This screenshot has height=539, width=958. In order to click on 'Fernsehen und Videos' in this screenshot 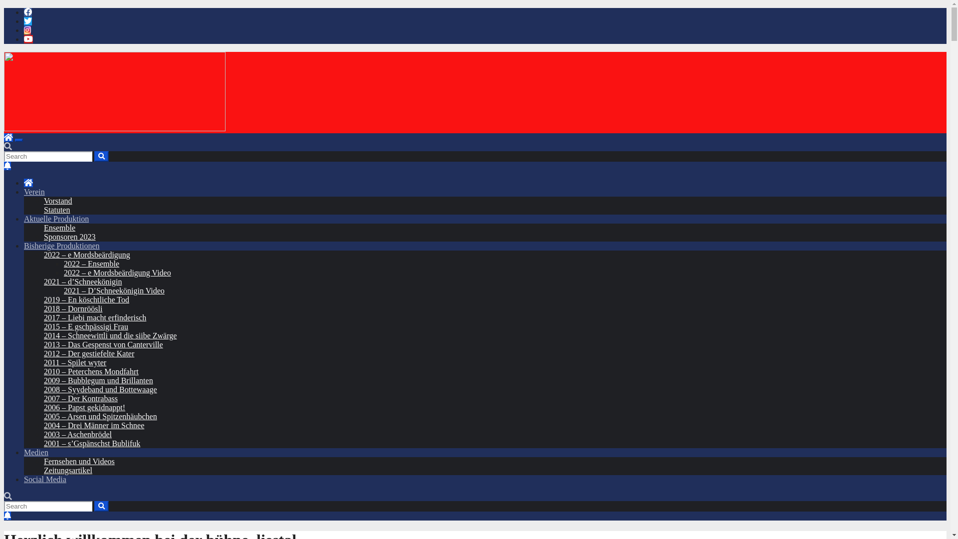, I will do `click(78, 461)`.